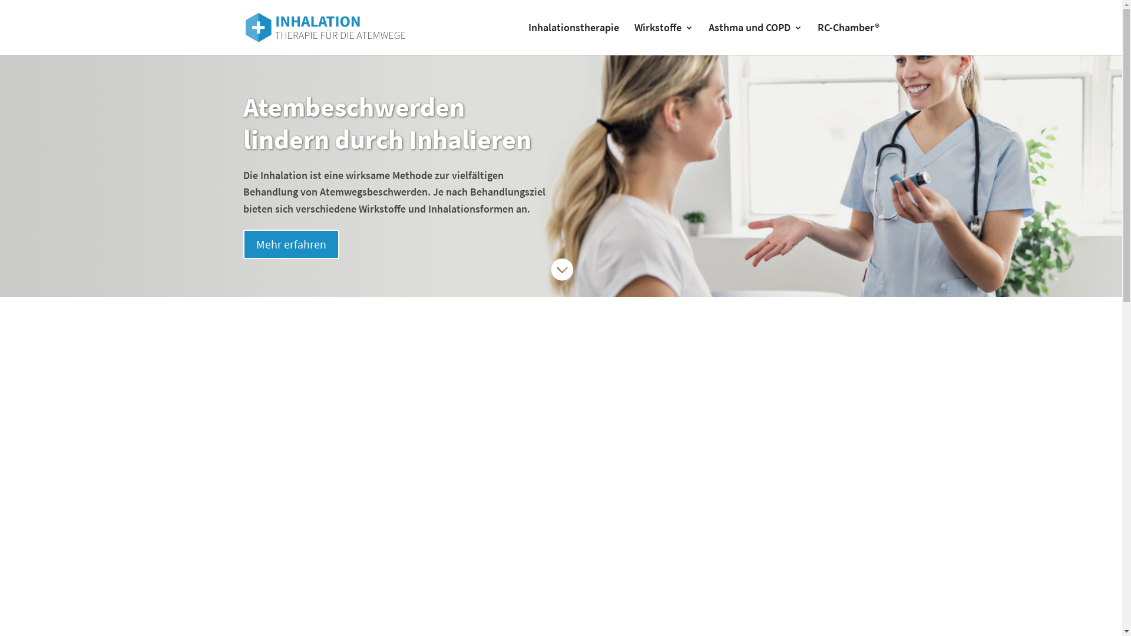 This screenshot has height=636, width=1131. What do you see at coordinates (707, 38) in the screenshot?
I see `'Asthma und COPD'` at bounding box center [707, 38].